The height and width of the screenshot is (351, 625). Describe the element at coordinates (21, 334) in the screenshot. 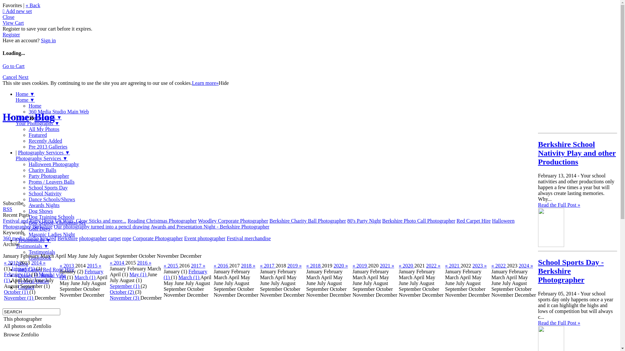

I see `'Browse Zenfolio'` at that location.